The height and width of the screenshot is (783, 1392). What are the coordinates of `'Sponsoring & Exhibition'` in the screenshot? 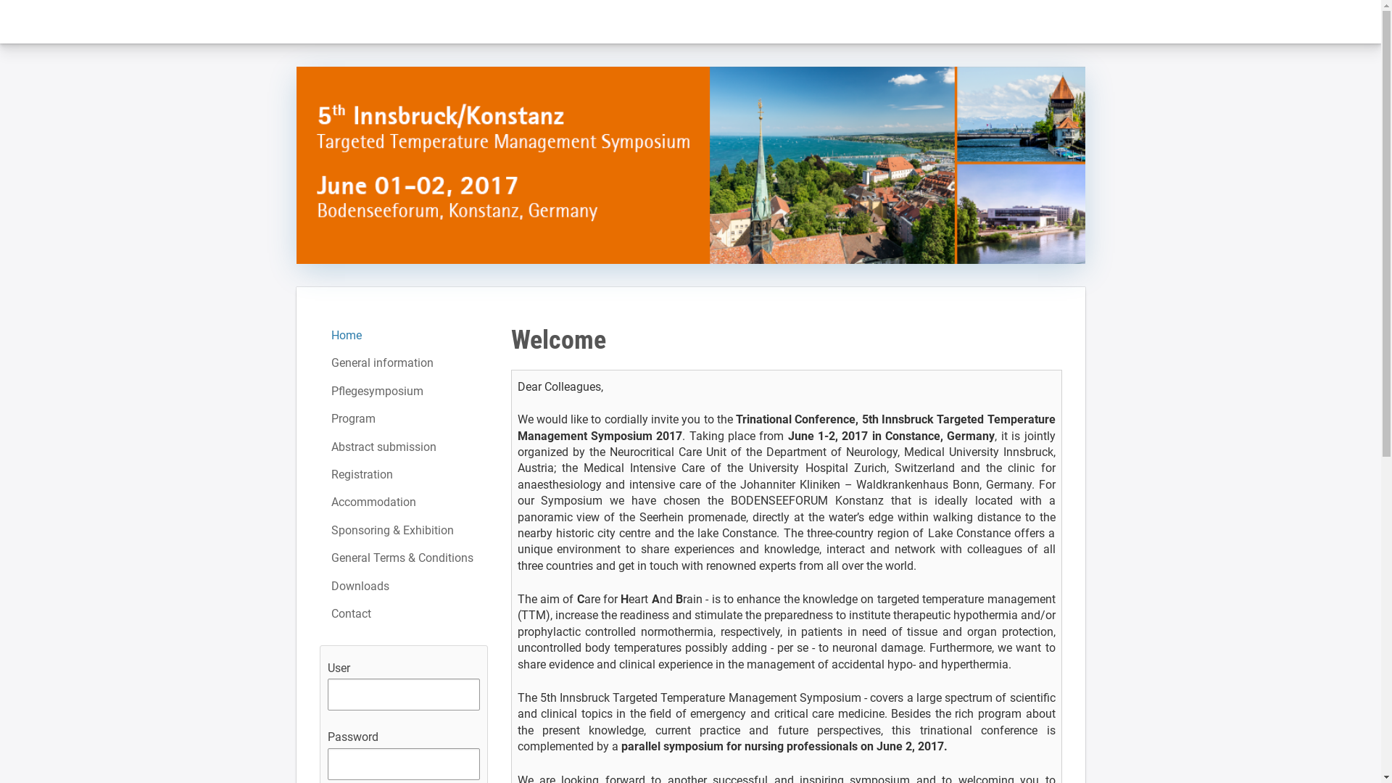 It's located at (403, 531).